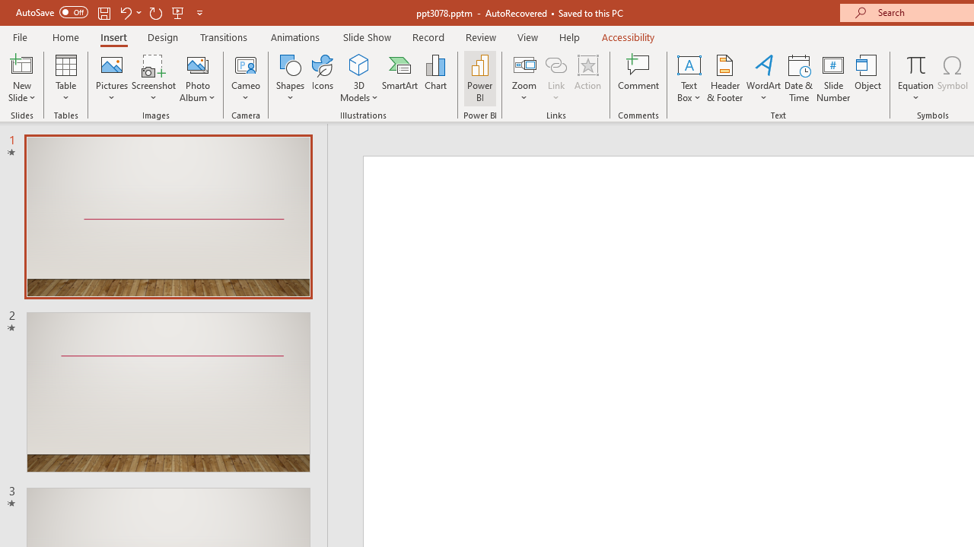 The width and height of the screenshot is (974, 547). I want to click on 'Cameo', so click(246, 64).